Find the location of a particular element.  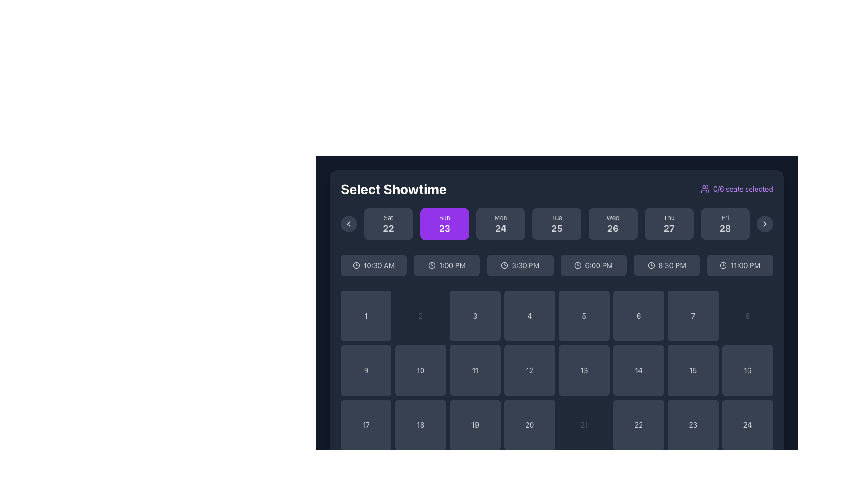

the button labeled '9' located in the second row and first column of the grid layout is located at coordinates (366, 370).